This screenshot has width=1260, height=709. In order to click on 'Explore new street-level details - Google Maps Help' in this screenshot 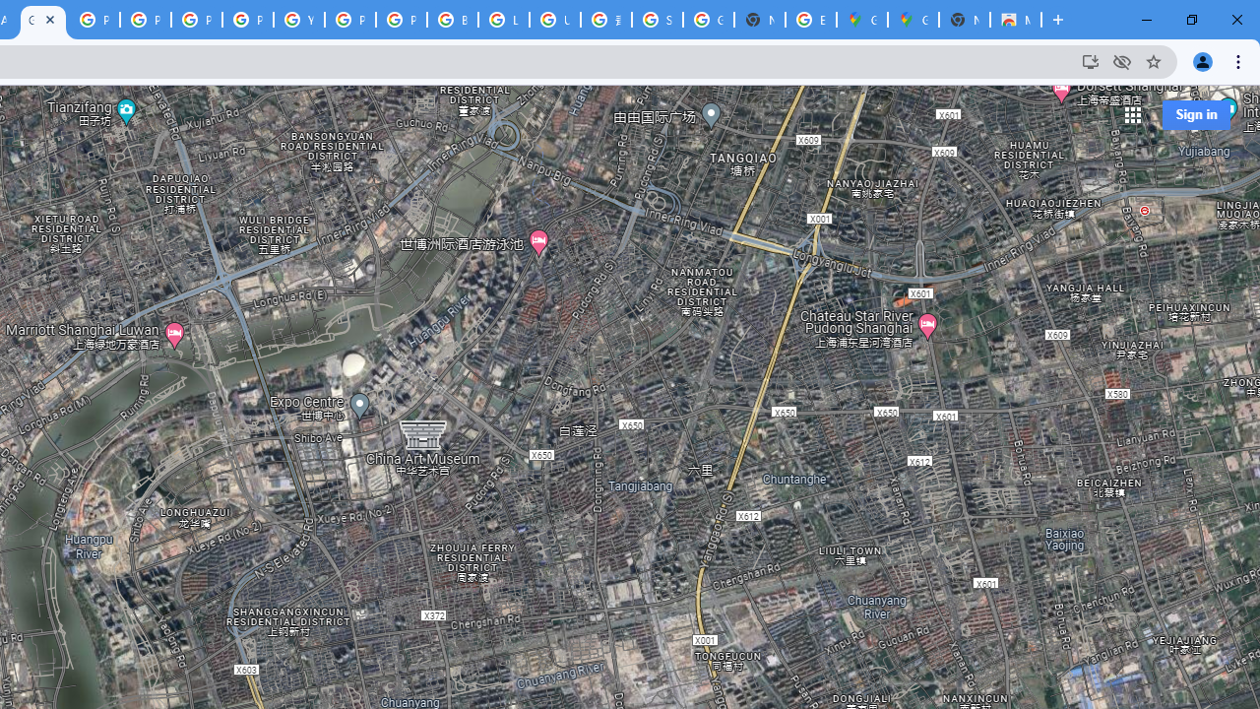, I will do `click(810, 20)`.